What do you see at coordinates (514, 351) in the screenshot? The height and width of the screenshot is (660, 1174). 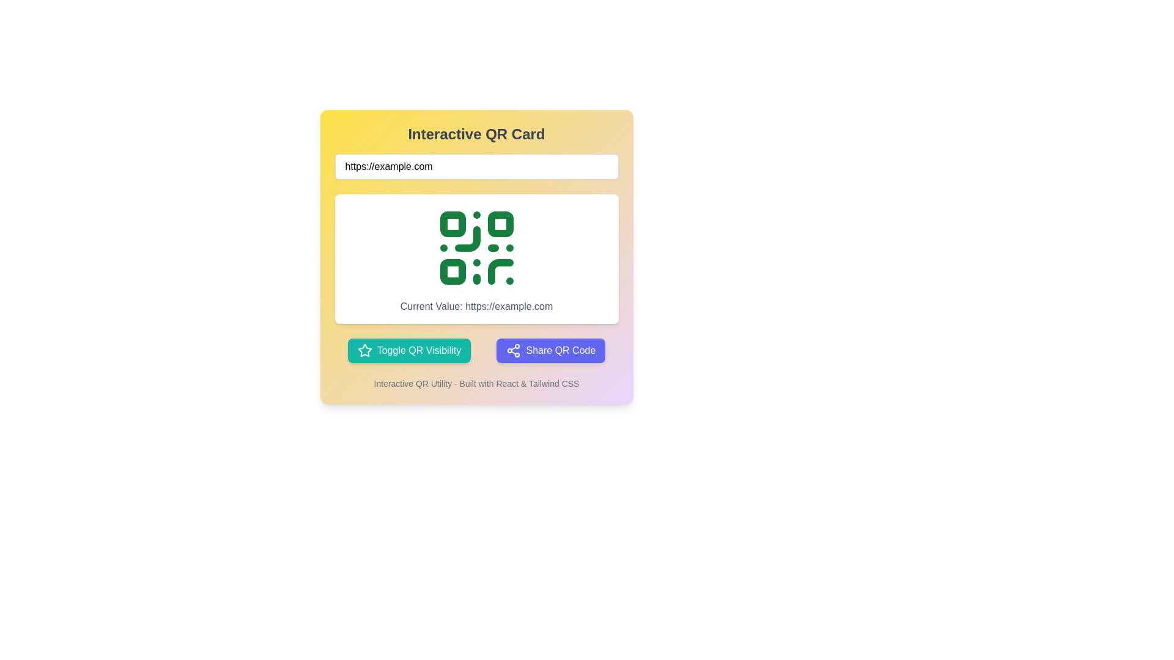 I see `the sharing icon, which is a connected nodes structure with a circular layout, styled in white on a purple background, located to the left of the 'Share QR Code' button` at bounding box center [514, 351].